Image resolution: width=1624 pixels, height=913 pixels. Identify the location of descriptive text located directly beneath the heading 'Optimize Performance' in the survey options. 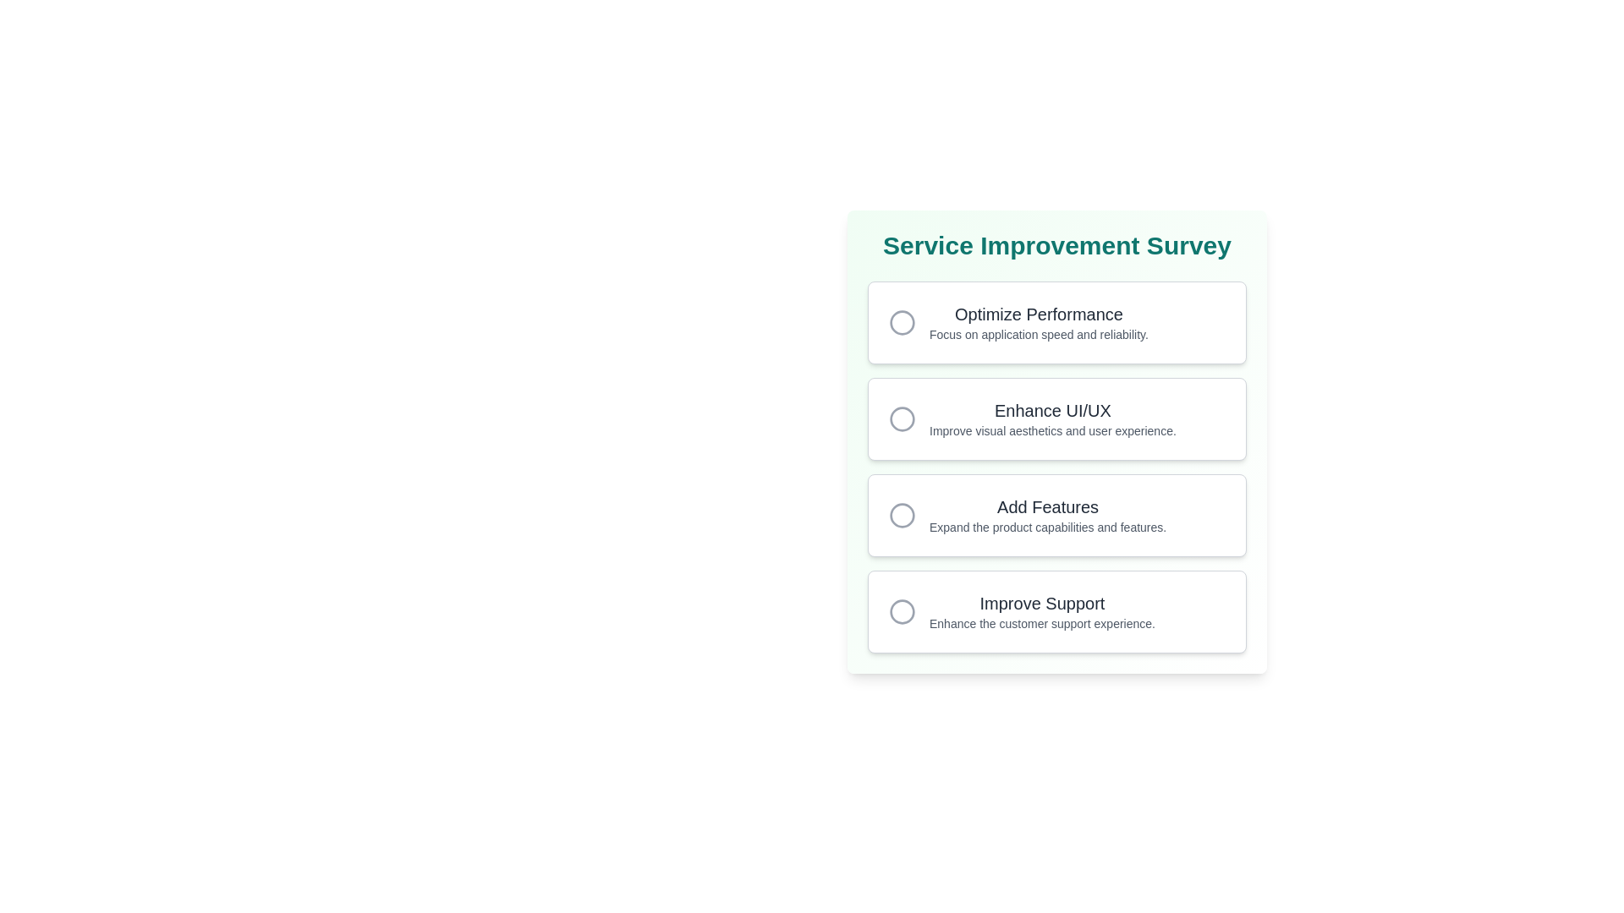
(1038, 335).